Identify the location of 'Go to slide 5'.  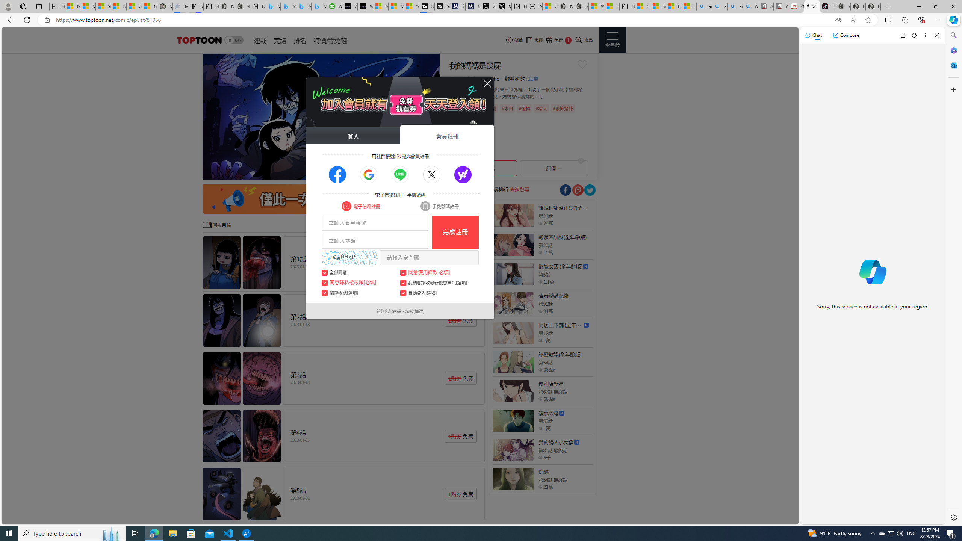
(400, 172).